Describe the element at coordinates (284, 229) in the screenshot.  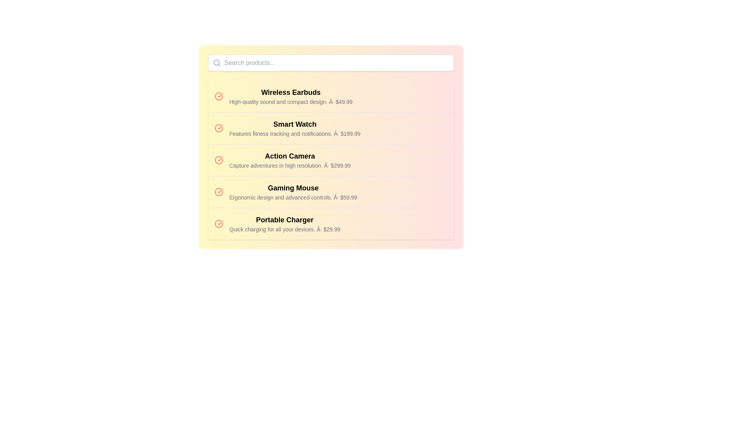
I see `the descriptive text element that reads 'Quick charging for all your devices. Â· $29.99', which is located below the 'Portable Charger' header` at that location.